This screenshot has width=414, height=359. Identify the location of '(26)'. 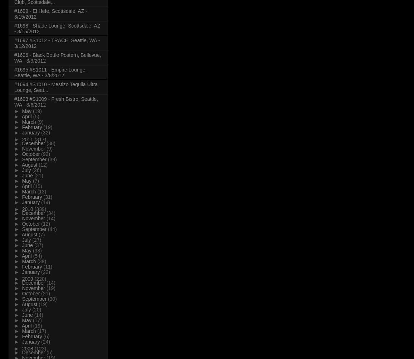
(32, 169).